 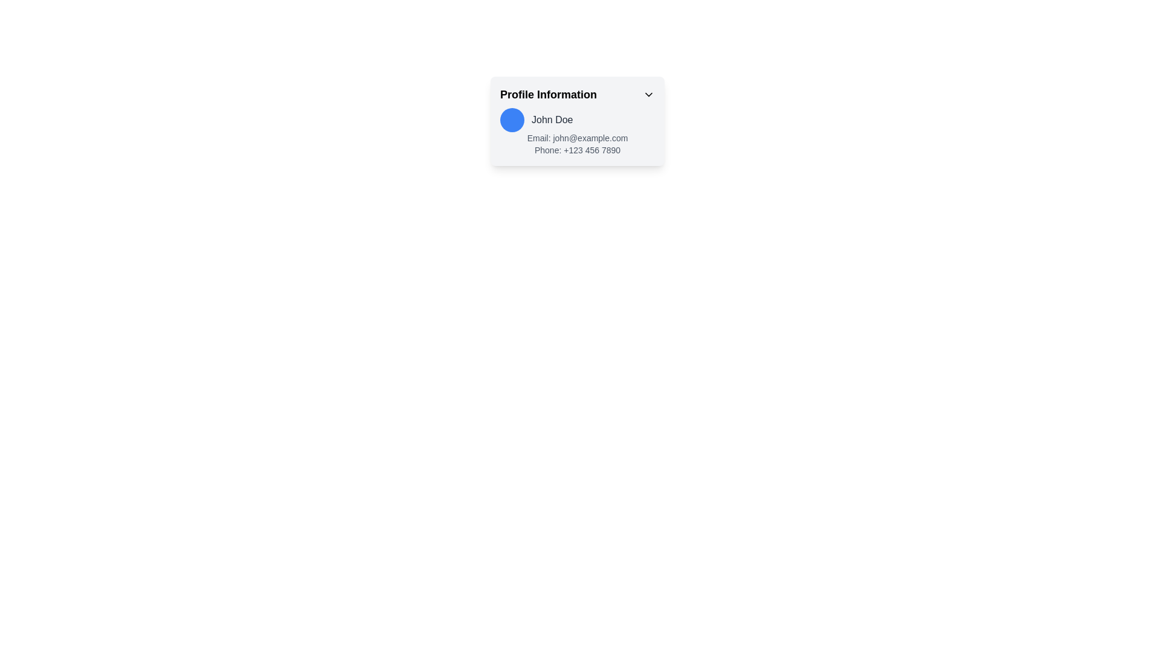 I want to click on name 'John Doe' from the profile information section, which is visually represented with a dark-gray font and accompanied by a blue circular avatar, so click(x=576, y=120).